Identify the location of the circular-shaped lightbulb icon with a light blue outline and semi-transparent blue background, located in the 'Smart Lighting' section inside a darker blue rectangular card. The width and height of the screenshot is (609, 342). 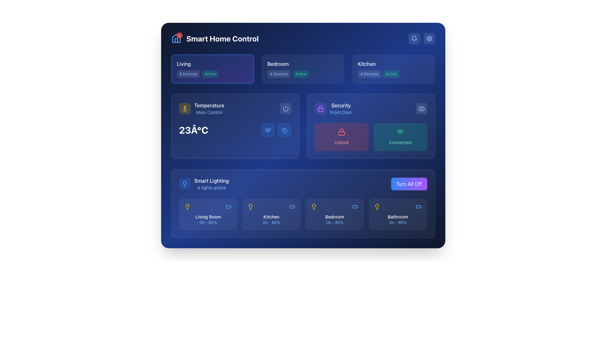
(184, 184).